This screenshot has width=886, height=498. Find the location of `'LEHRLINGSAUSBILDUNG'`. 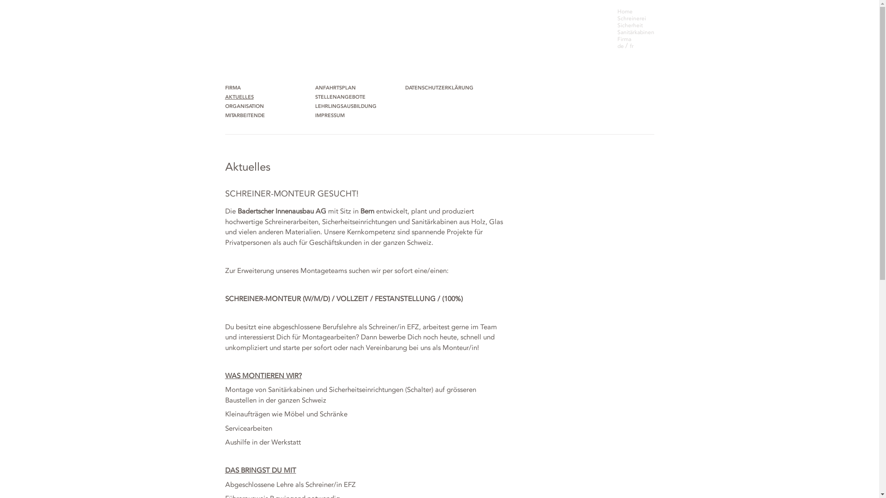

'LEHRLINGSAUSBILDUNG' is located at coordinates (345, 106).